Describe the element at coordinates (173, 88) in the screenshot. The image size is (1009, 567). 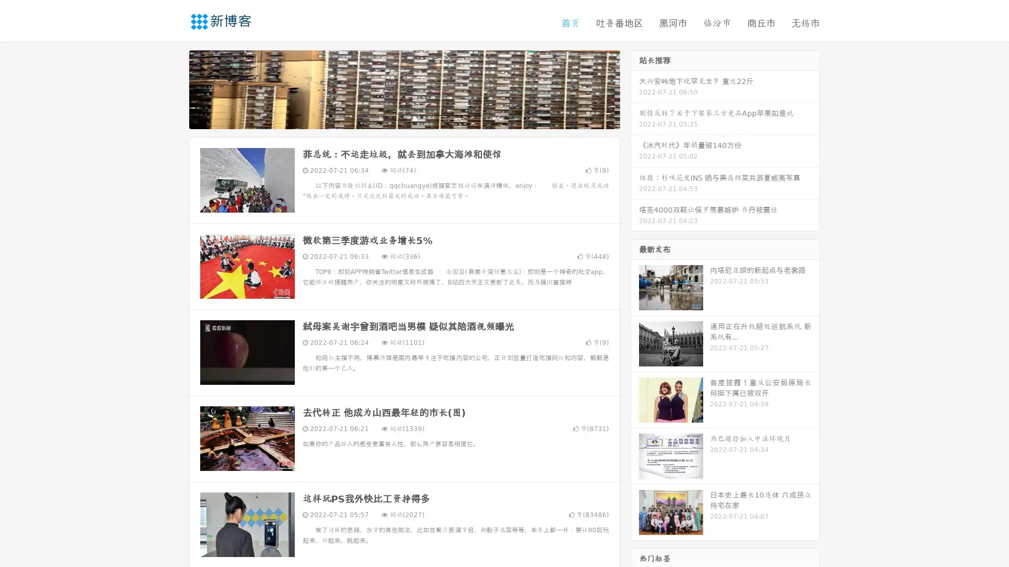
I see `Previous slide` at that location.